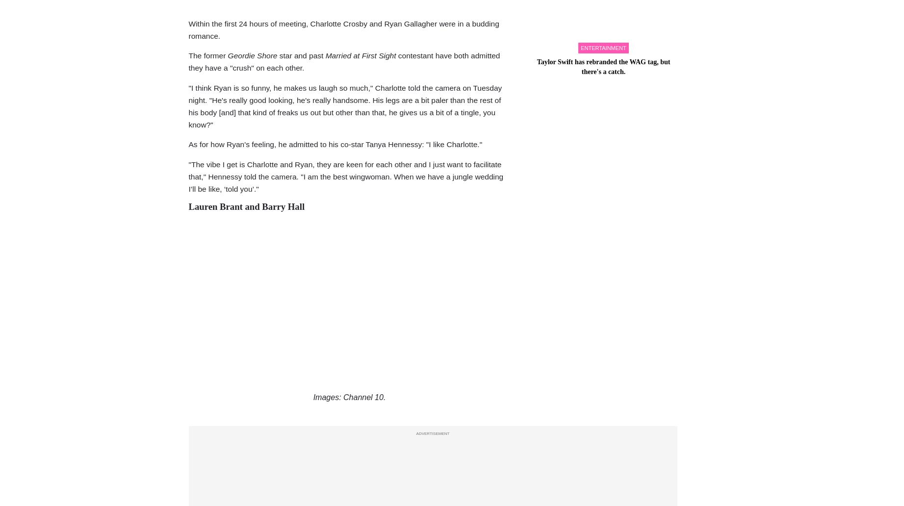  Describe the element at coordinates (361, 55) in the screenshot. I see `'Married at First Sight'` at that location.